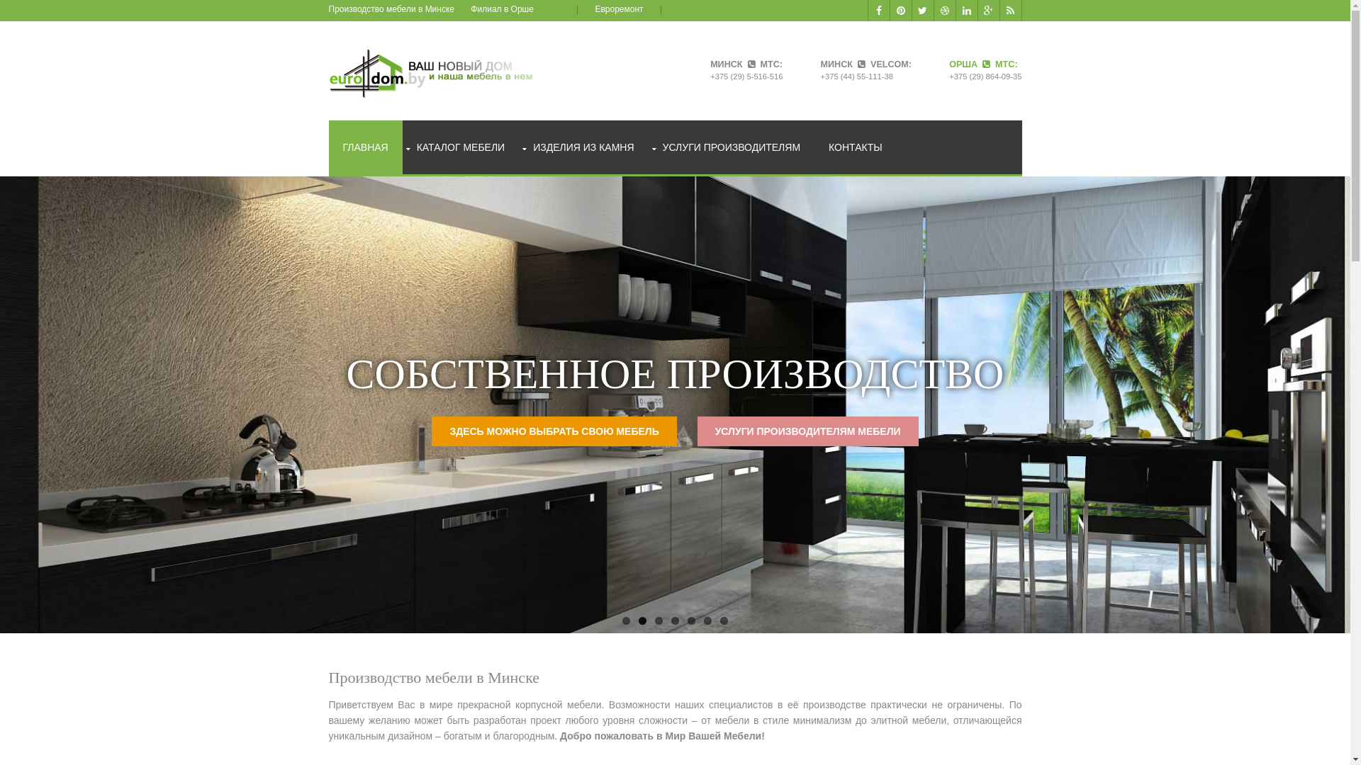  What do you see at coordinates (658, 620) in the screenshot?
I see `'3'` at bounding box center [658, 620].